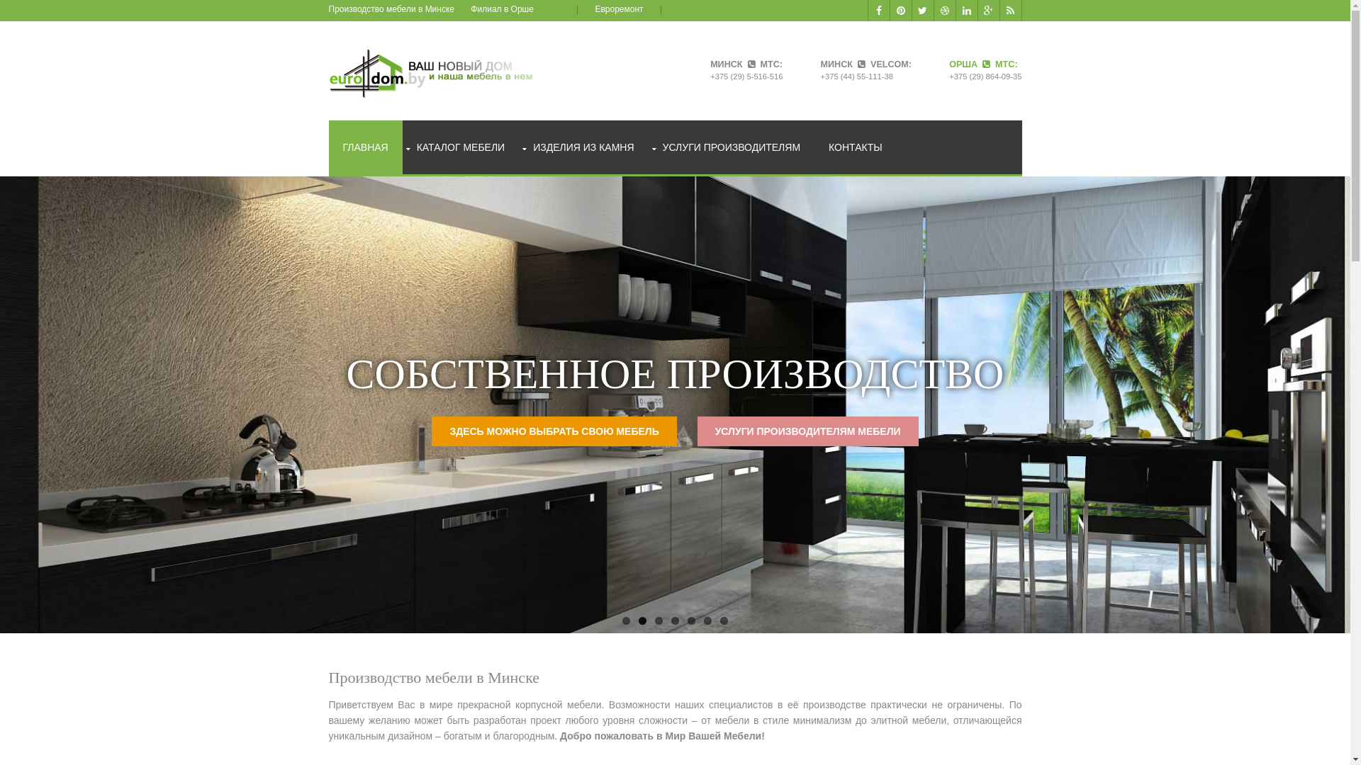  What do you see at coordinates (658, 620) in the screenshot?
I see `'3'` at bounding box center [658, 620].